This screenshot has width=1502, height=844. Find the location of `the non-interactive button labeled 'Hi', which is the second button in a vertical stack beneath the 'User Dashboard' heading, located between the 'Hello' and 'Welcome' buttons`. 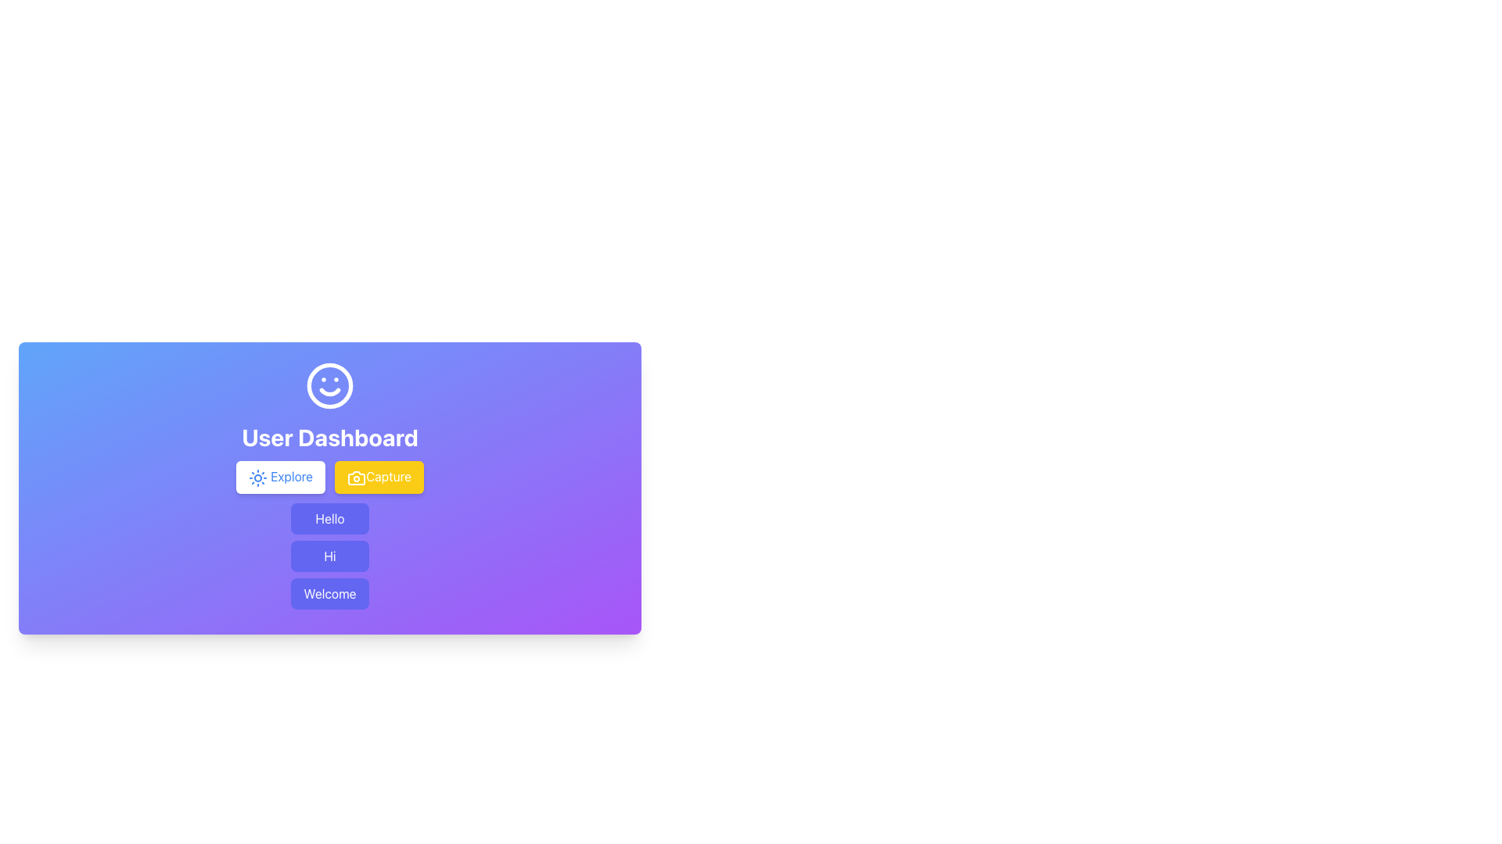

the non-interactive button labeled 'Hi', which is the second button in a vertical stack beneath the 'User Dashboard' heading, located between the 'Hello' and 'Welcome' buttons is located at coordinates (329, 555).